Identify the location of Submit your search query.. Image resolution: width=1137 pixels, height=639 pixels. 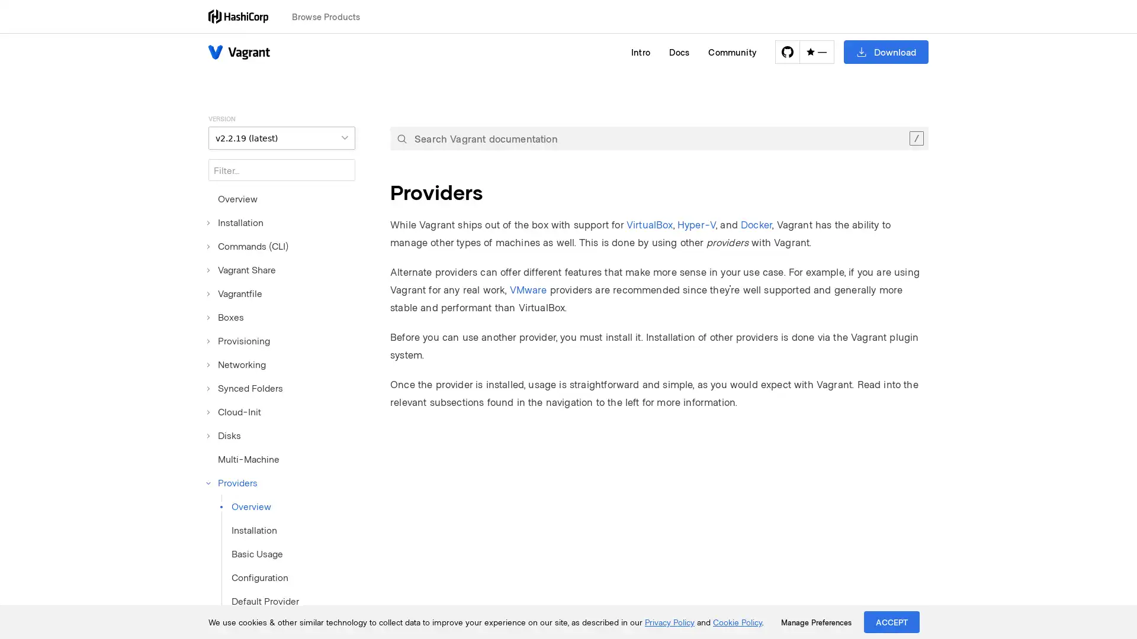
(402, 138).